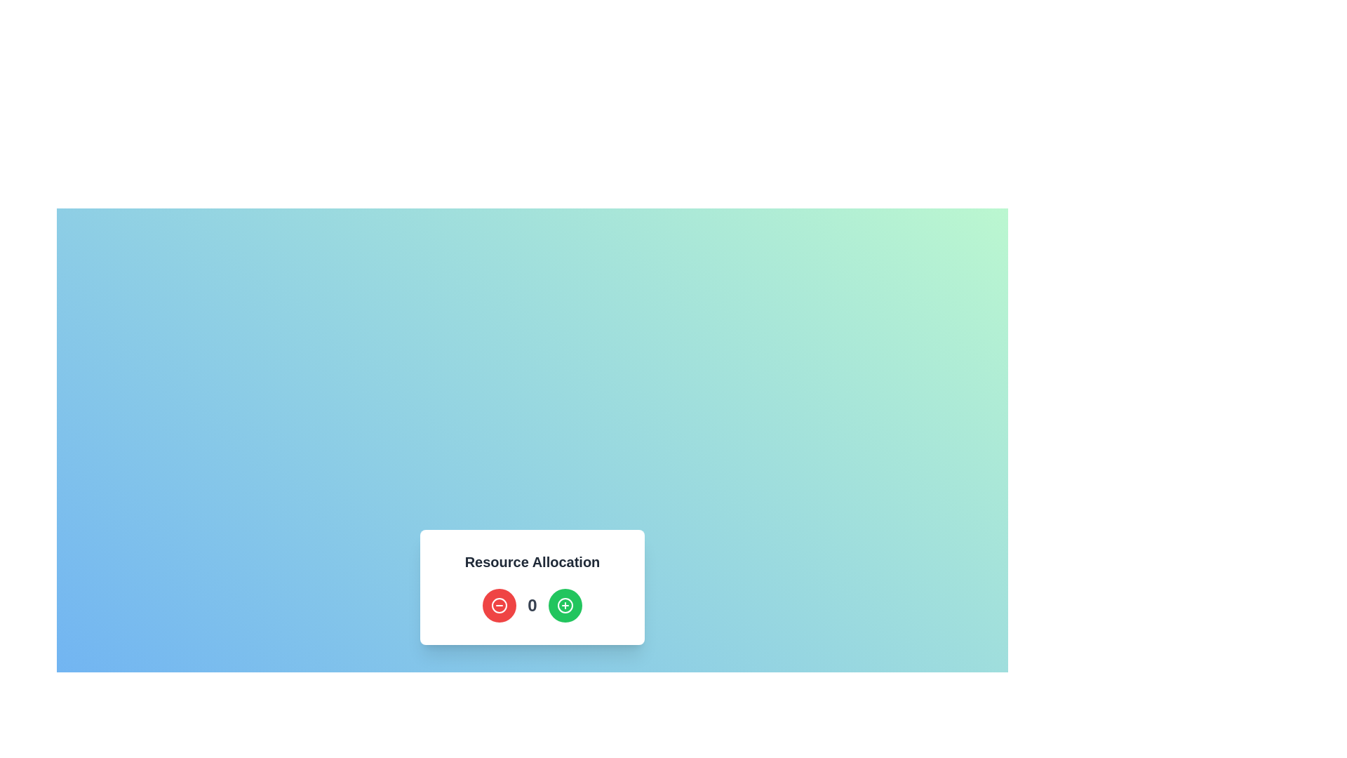 The image size is (1347, 758). Describe the element at coordinates (500, 605) in the screenshot. I see `the subtract icon in the 'Resource Allocation' card, which is the leftmost symbol next to the green '+' icon` at that location.